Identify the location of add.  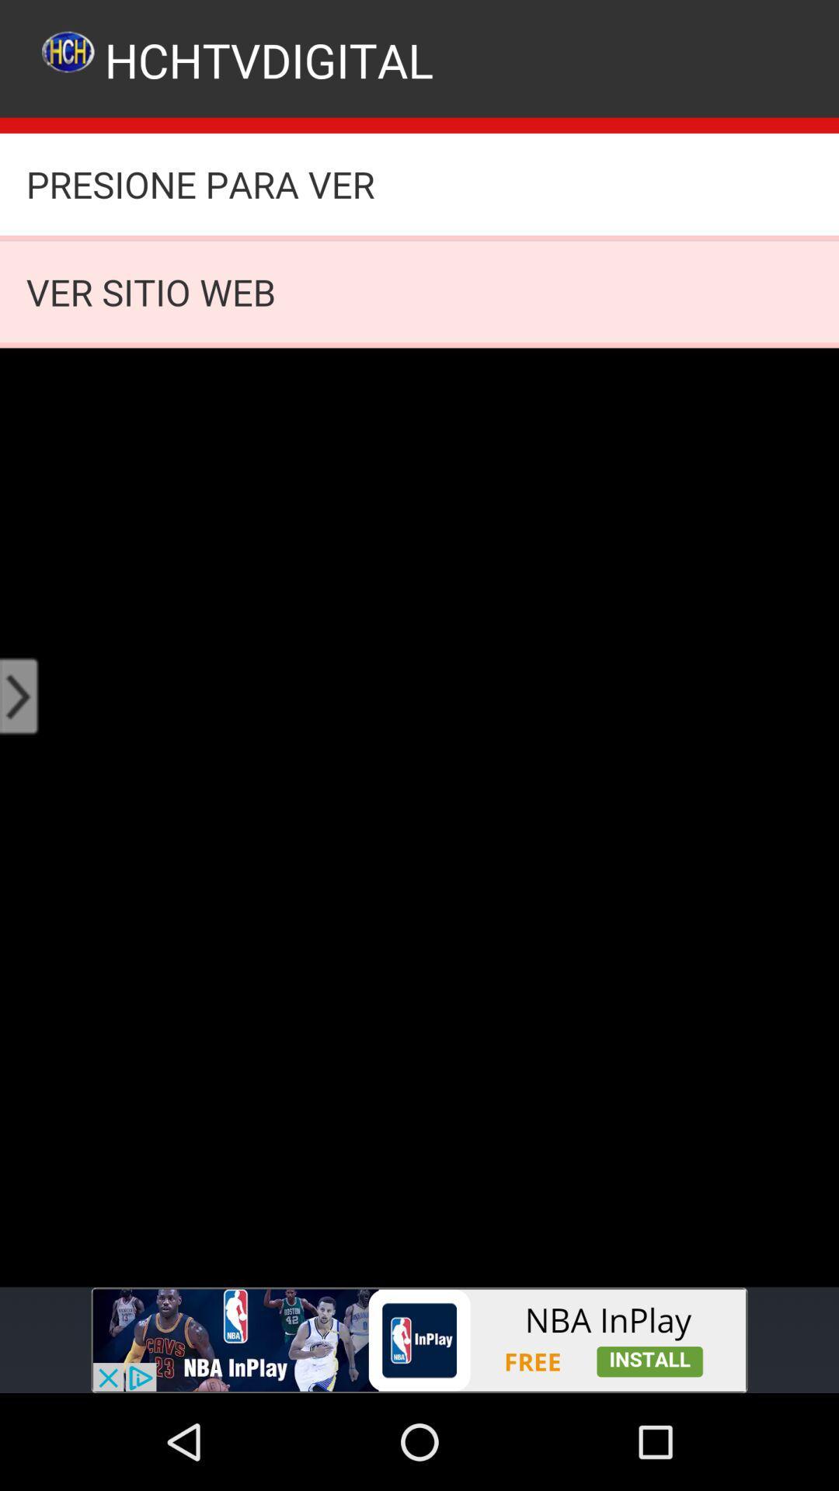
(419, 1340).